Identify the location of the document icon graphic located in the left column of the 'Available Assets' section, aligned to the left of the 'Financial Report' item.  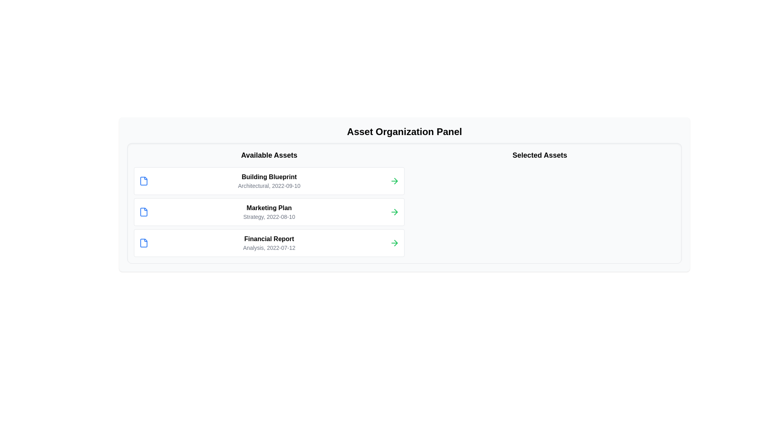
(143, 243).